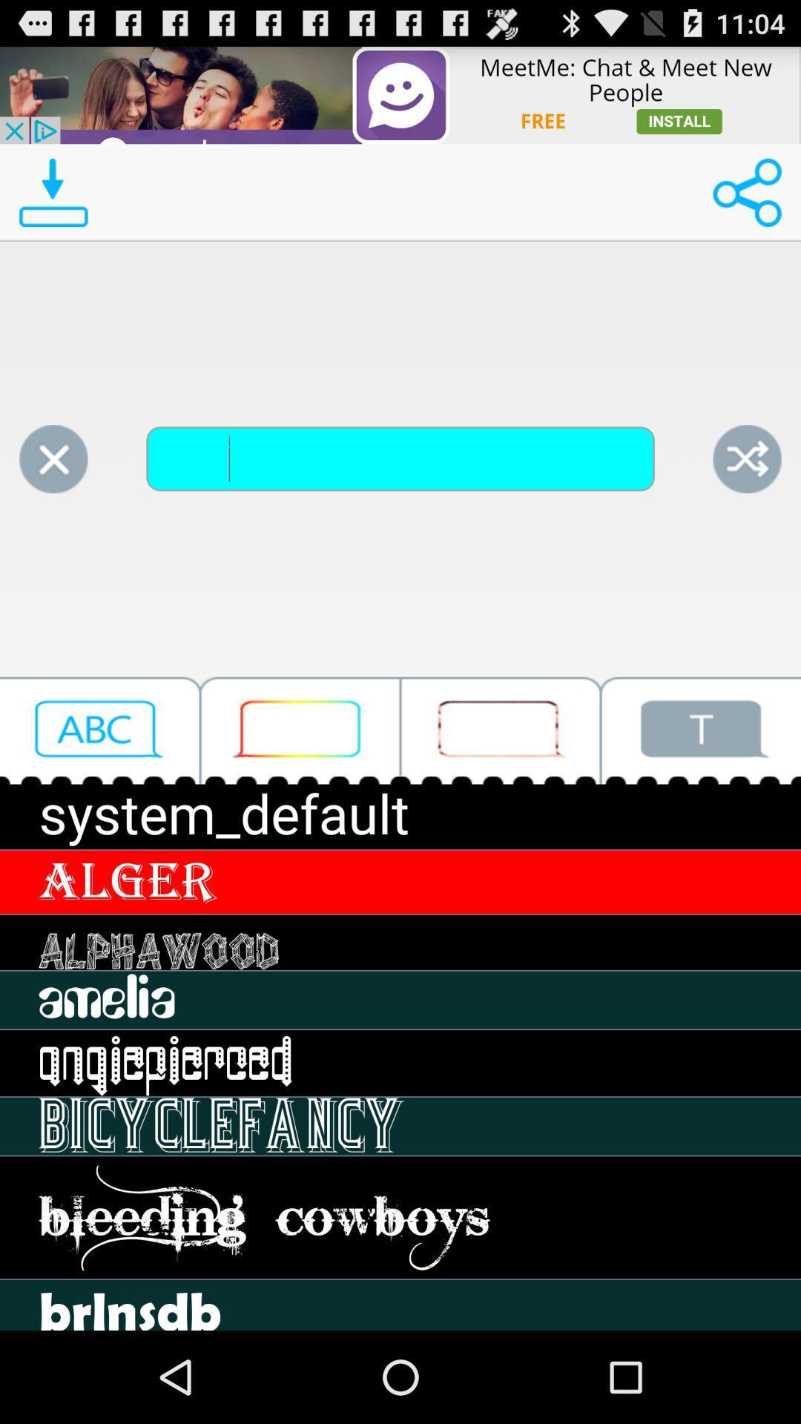  Describe the element at coordinates (501, 731) in the screenshot. I see `blink option` at that location.